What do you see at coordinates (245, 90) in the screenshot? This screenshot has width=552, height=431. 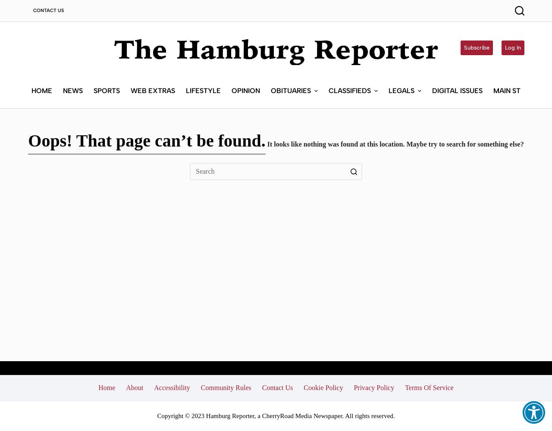 I see `'Opinion'` at bounding box center [245, 90].